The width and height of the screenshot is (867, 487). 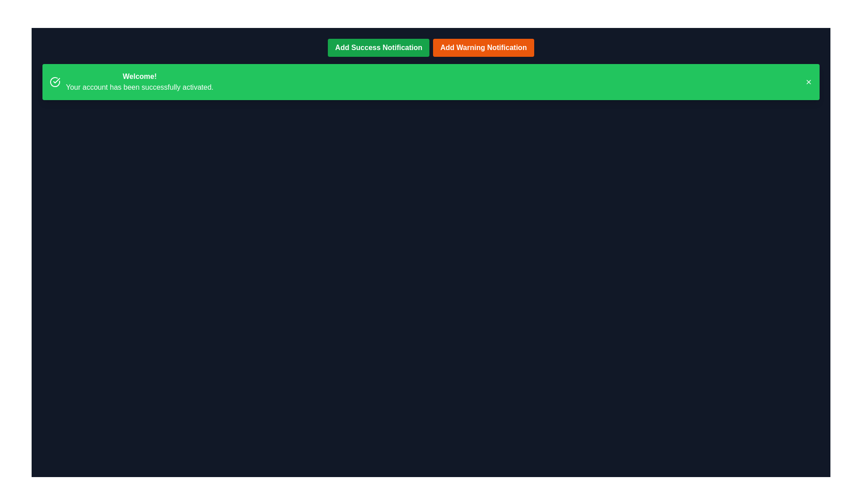 What do you see at coordinates (808, 82) in the screenshot?
I see `the close button located at the top-right corner of the green notification bar` at bounding box center [808, 82].